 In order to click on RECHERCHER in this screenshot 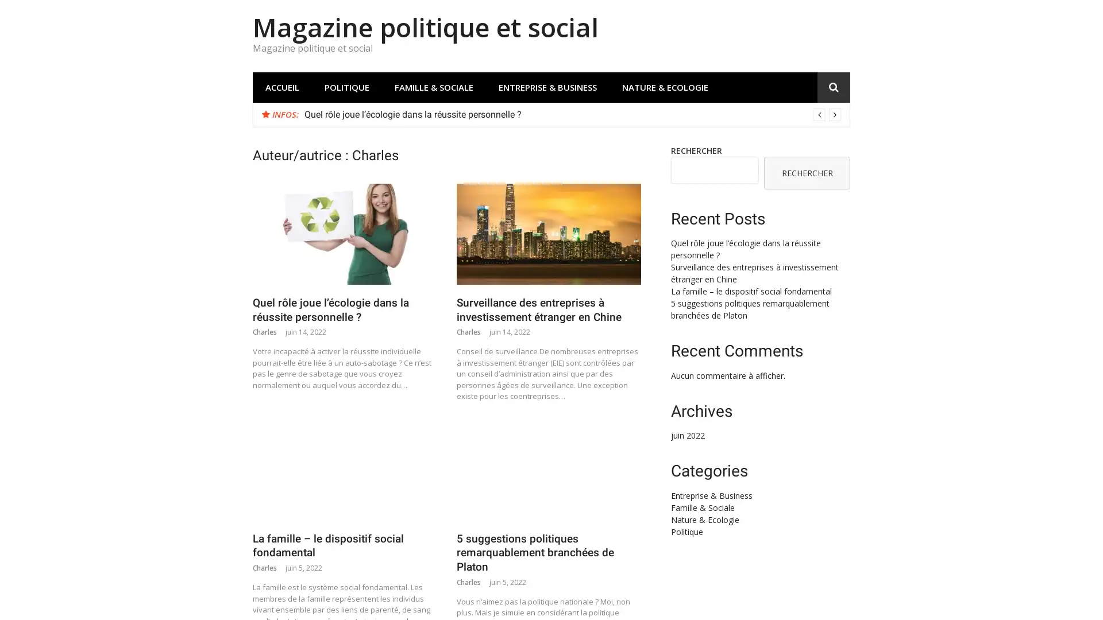, I will do `click(807, 172)`.